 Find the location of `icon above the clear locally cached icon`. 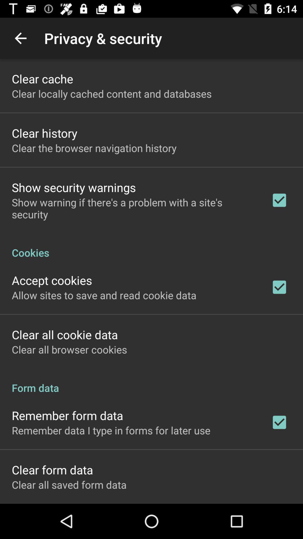

icon above the clear locally cached icon is located at coordinates (42, 78).